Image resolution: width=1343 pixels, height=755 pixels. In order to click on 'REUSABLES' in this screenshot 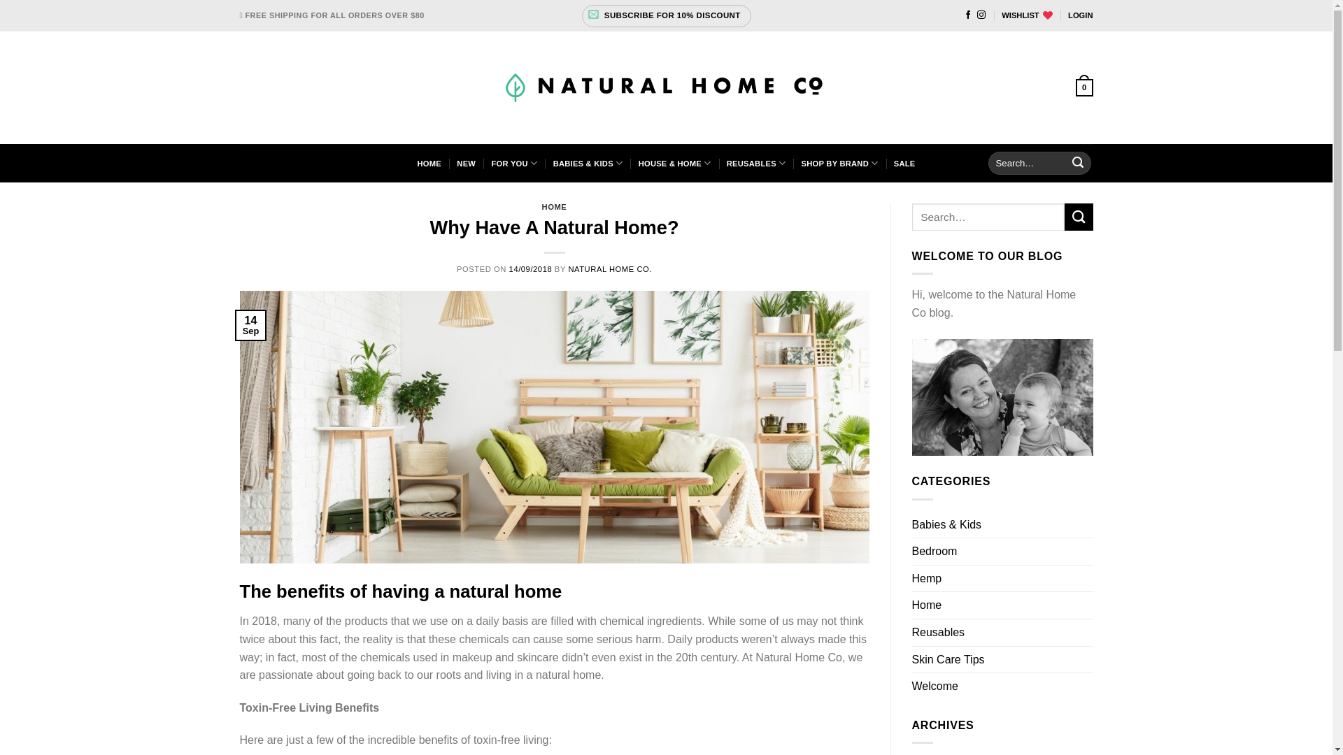, I will do `click(726, 162)`.